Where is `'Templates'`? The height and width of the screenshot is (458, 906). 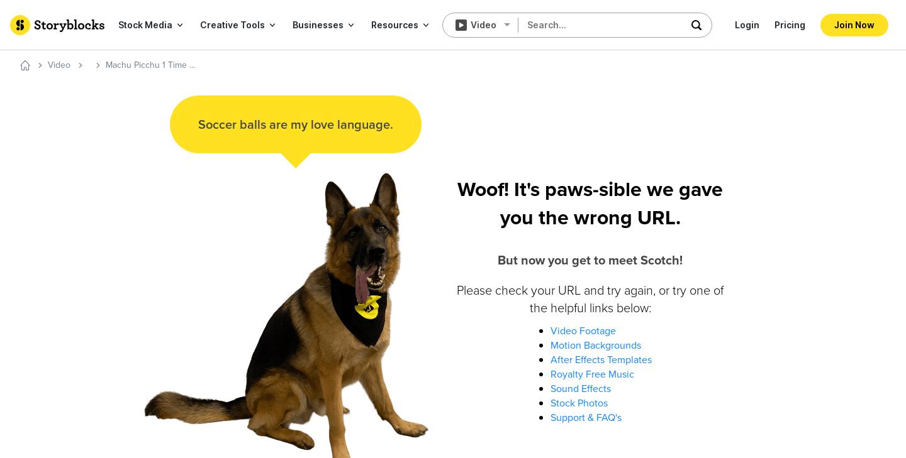
'Templates' is located at coordinates (96, 146).